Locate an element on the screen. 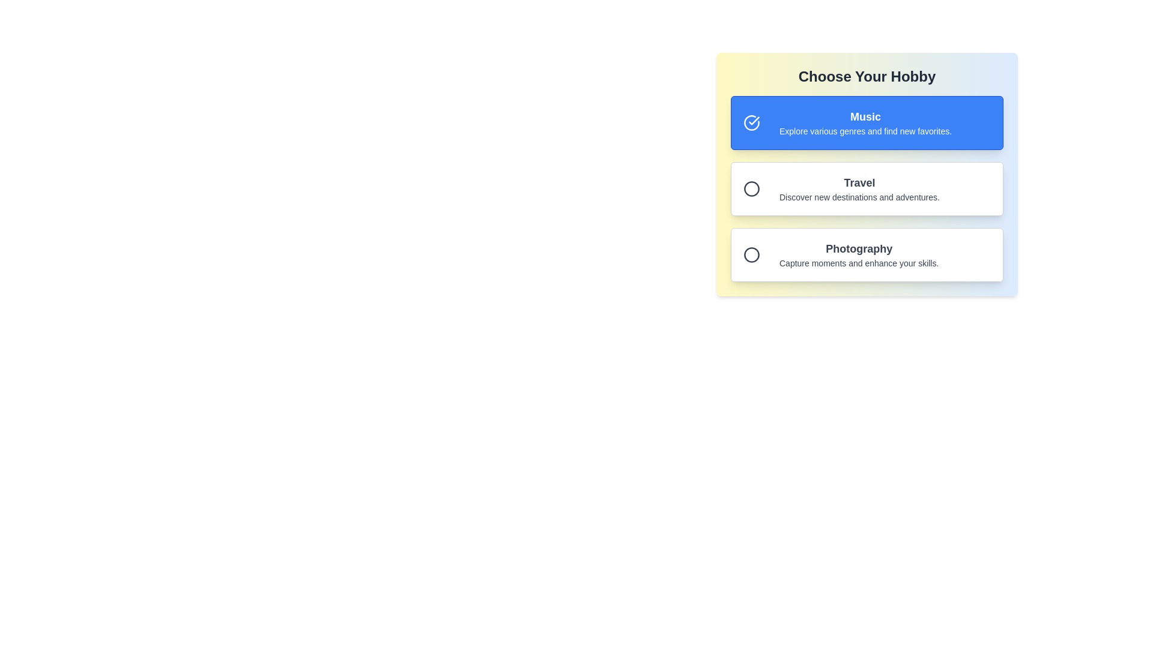 This screenshot has width=1153, height=648. the circle icon associated with the 'Travel' option, which is located to the left of the 'Travel' text label is located at coordinates (751, 189).